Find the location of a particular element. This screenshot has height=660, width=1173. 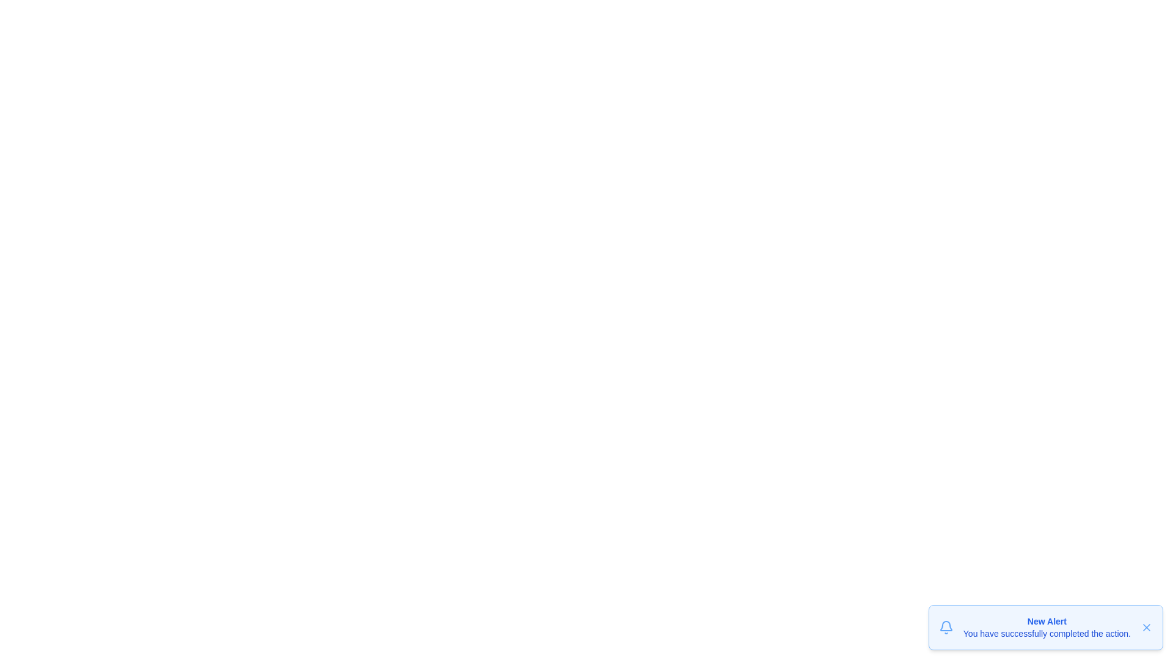

the close button to dismiss the notification is located at coordinates (1146, 627).